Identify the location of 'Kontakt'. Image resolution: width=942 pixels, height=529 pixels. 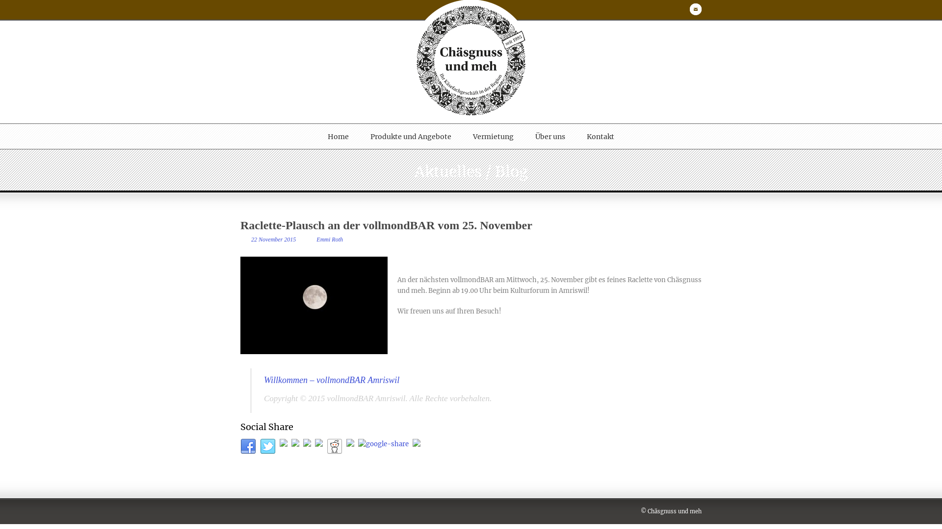
(600, 136).